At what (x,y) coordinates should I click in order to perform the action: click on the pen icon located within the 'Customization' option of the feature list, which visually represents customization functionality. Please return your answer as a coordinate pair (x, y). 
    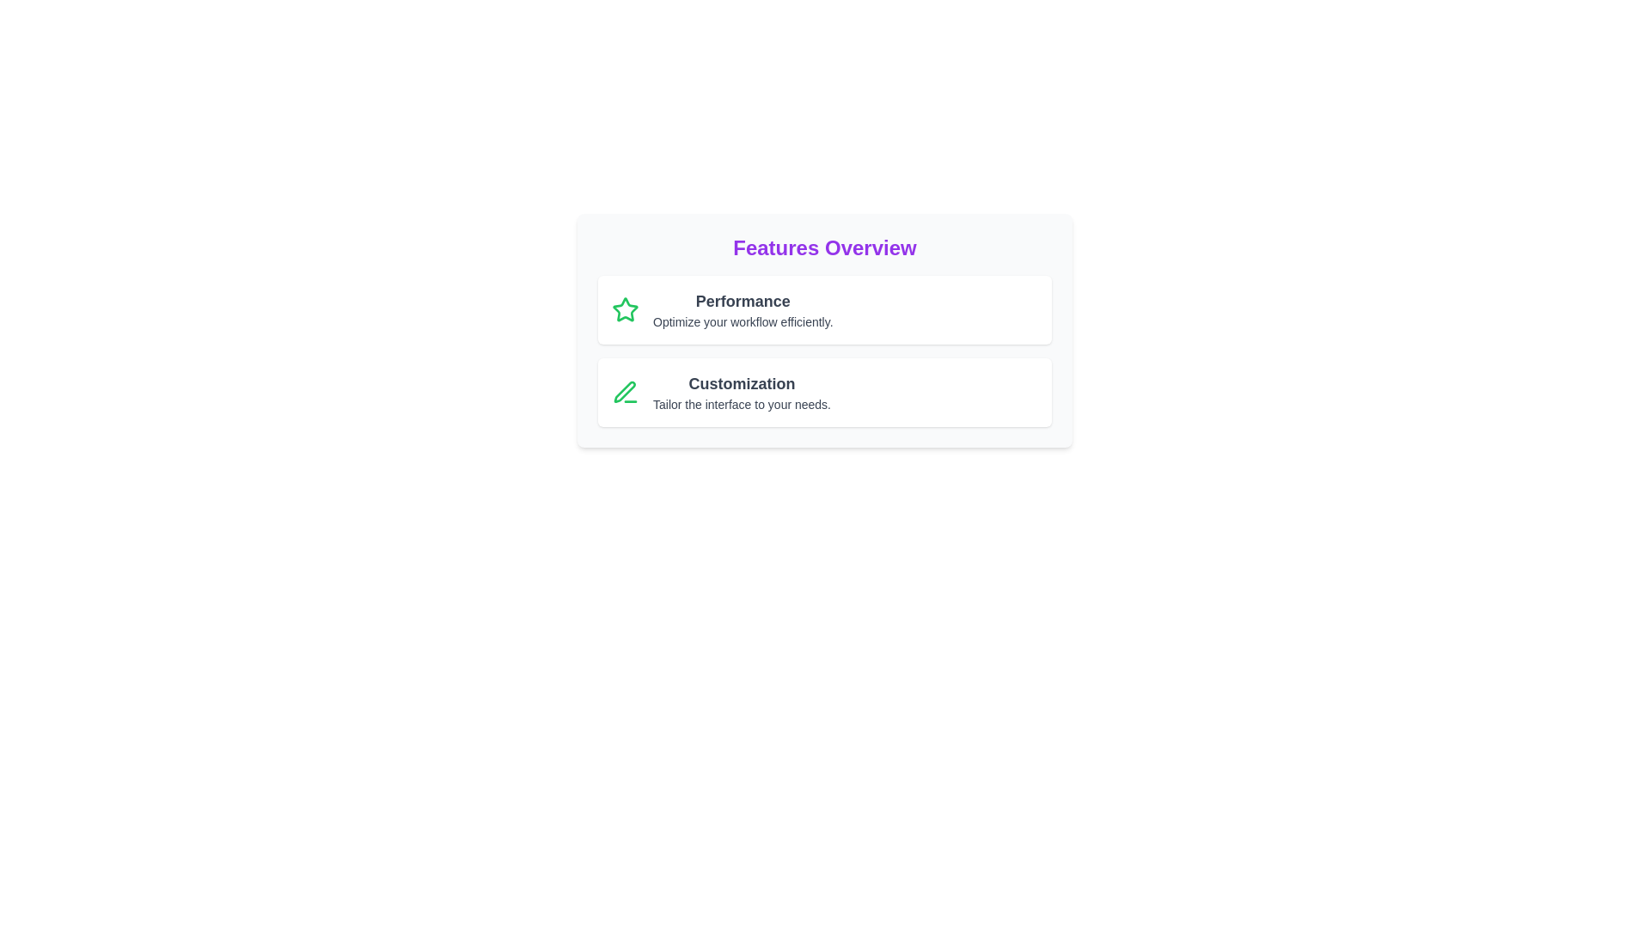
    Looking at the image, I should click on (625, 392).